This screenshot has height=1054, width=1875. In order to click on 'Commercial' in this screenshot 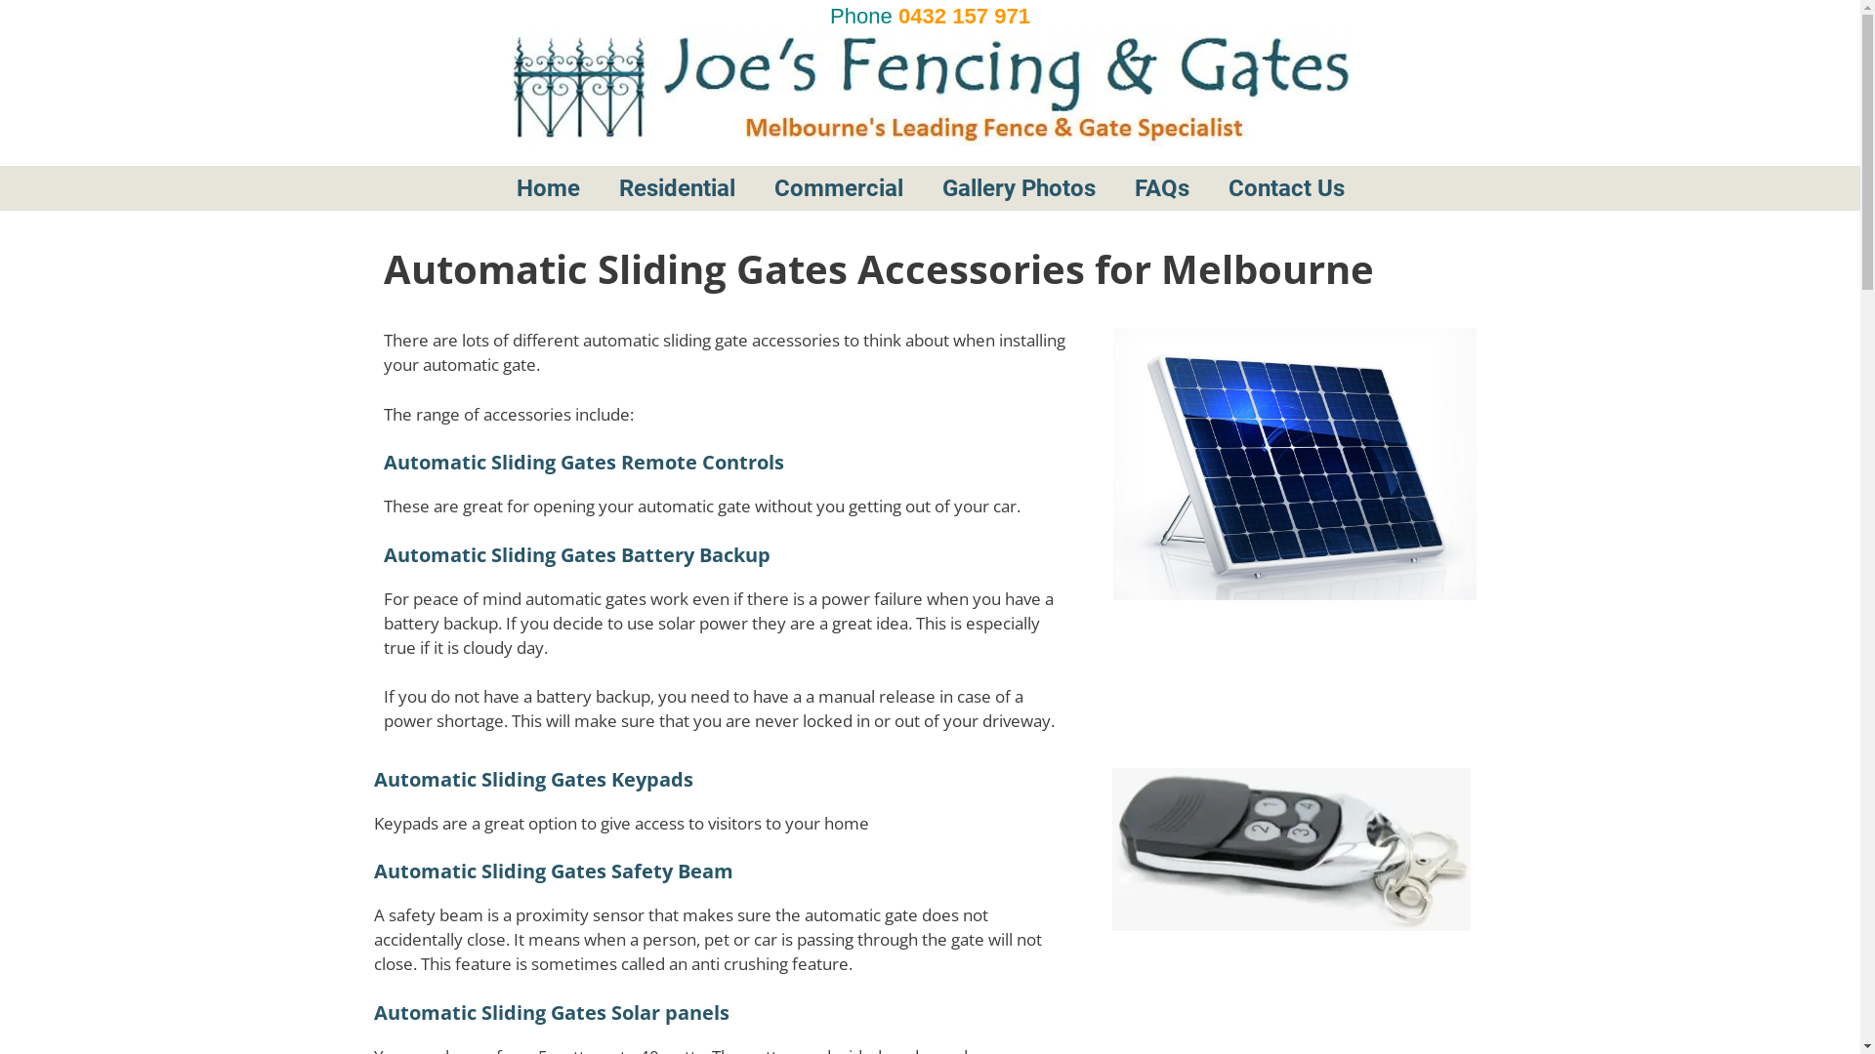, I will do `click(838, 187)`.